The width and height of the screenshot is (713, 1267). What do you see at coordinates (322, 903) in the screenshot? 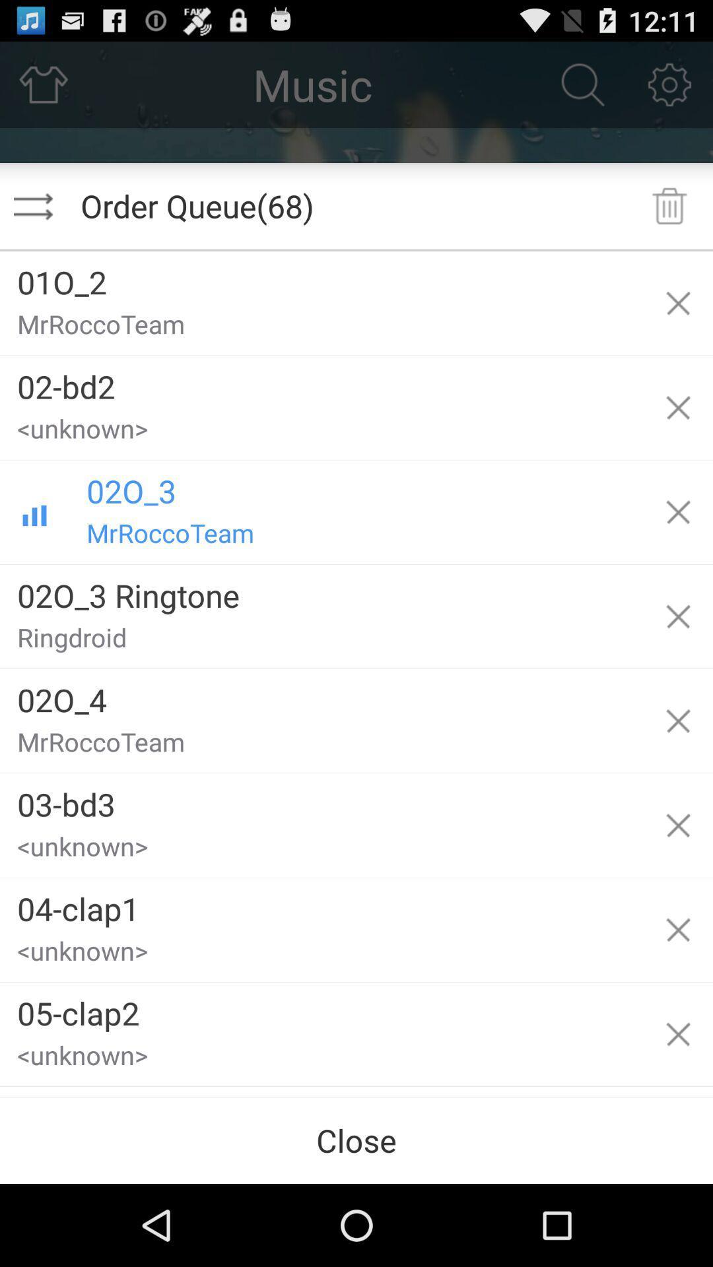
I see `item below <unknown> app` at bounding box center [322, 903].